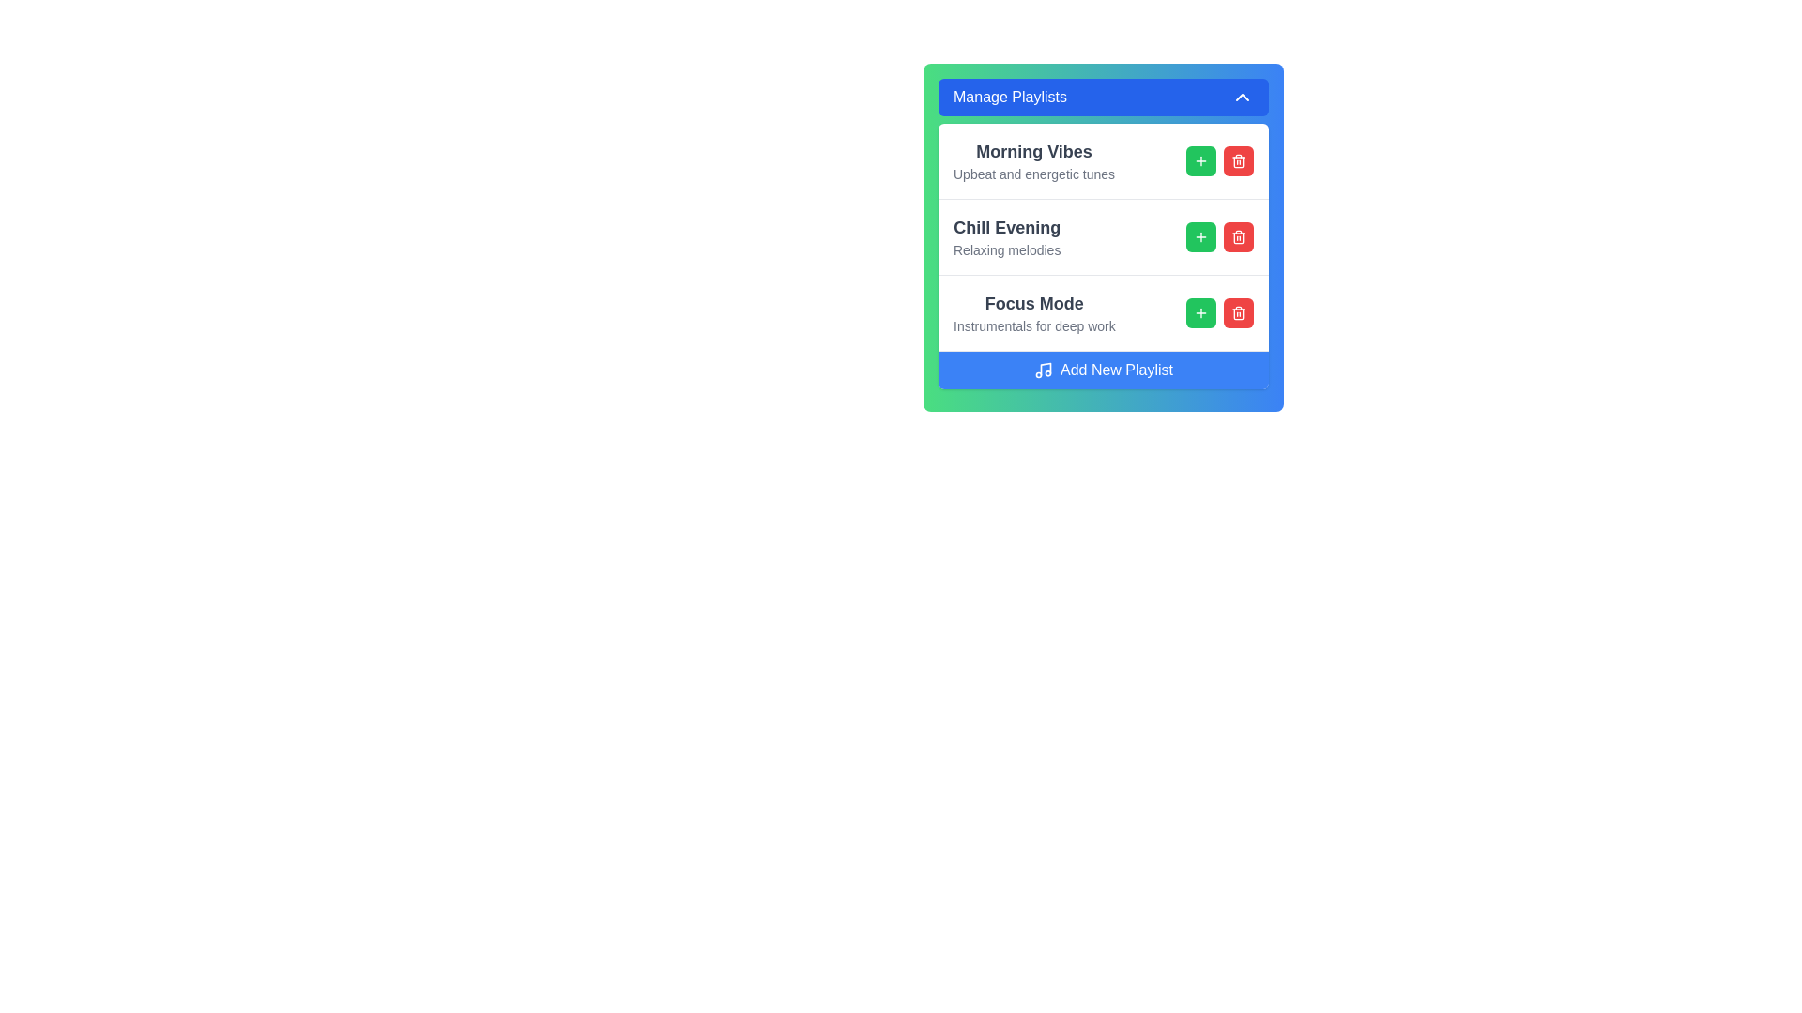 The width and height of the screenshot is (1802, 1013). Describe the element at coordinates (1033, 174) in the screenshot. I see `the text label reading 'Upbeat and energetic tunes', which is styled with a smaller font size and light gray color, located directly beneath 'Morning Vibes' in the Manage Playlists interface` at that location.